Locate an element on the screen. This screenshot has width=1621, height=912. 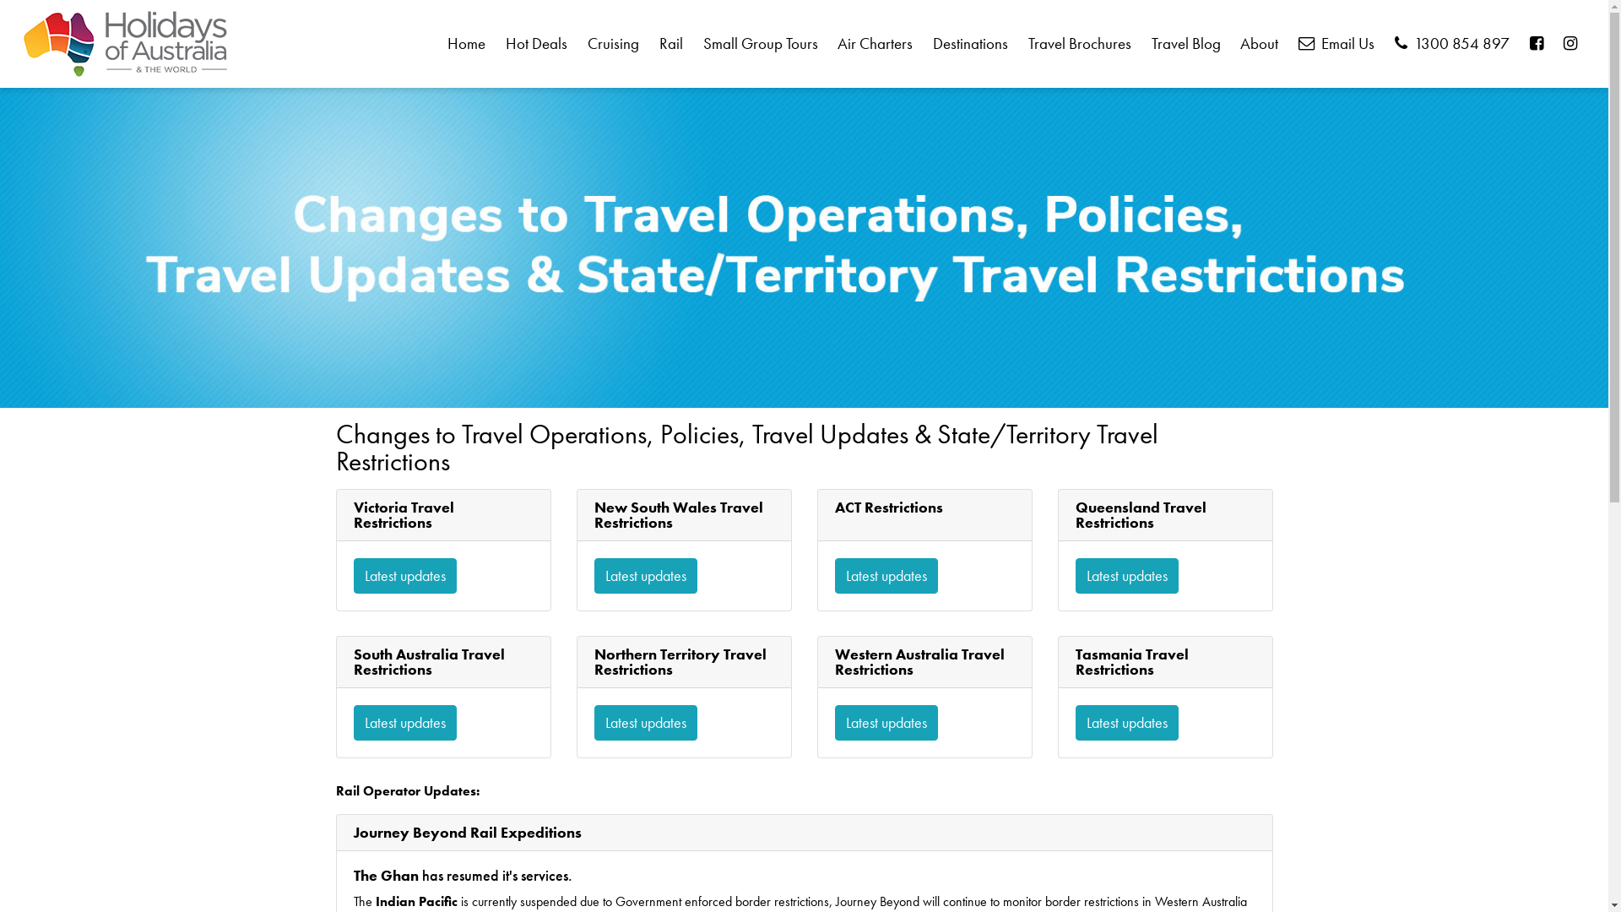
'Rail' is located at coordinates (670, 43).